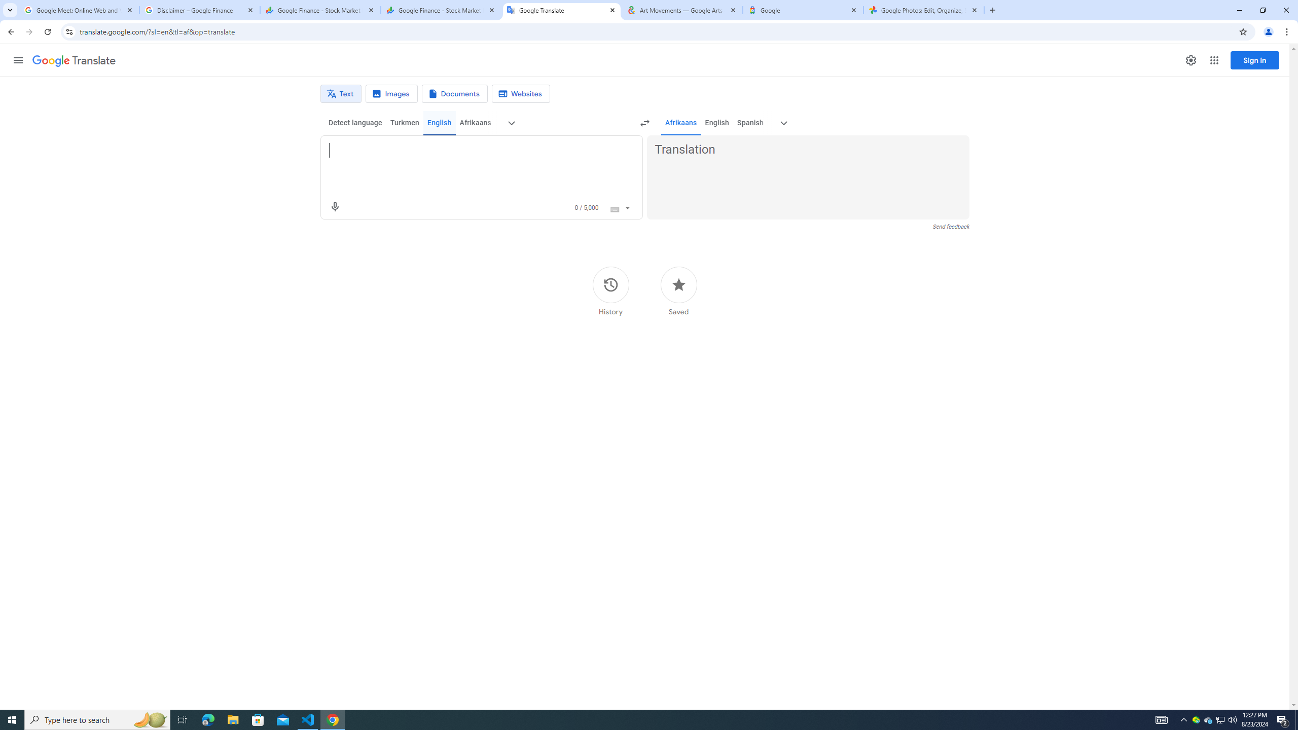 The height and width of the screenshot is (730, 1298). I want to click on 'Show the Input Tools menu', so click(627, 206).